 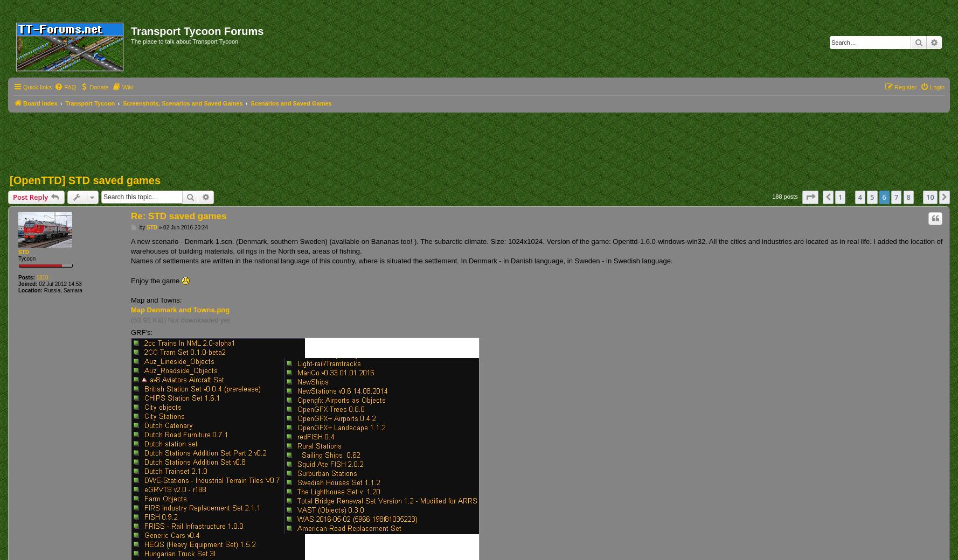 What do you see at coordinates (130, 331) in the screenshot?
I see `'GRF's:'` at bounding box center [130, 331].